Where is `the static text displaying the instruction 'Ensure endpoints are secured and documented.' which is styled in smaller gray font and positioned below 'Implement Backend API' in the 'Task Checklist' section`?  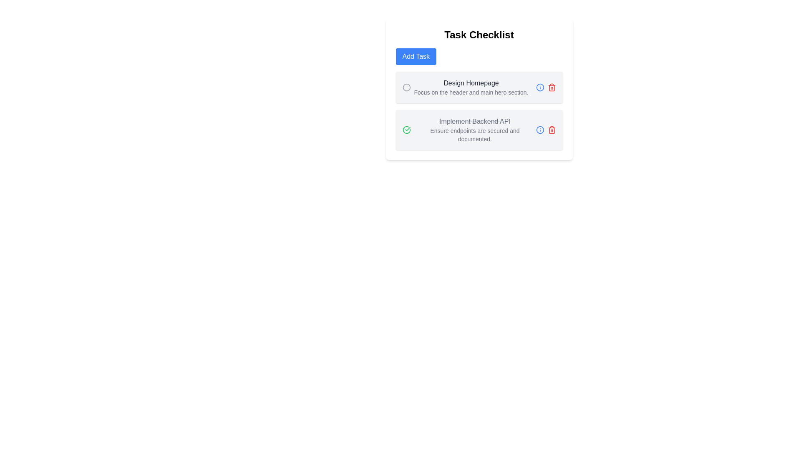
the static text displaying the instruction 'Ensure endpoints are secured and documented.' which is styled in smaller gray font and positioned below 'Implement Backend API' in the 'Task Checklist' section is located at coordinates (475, 135).